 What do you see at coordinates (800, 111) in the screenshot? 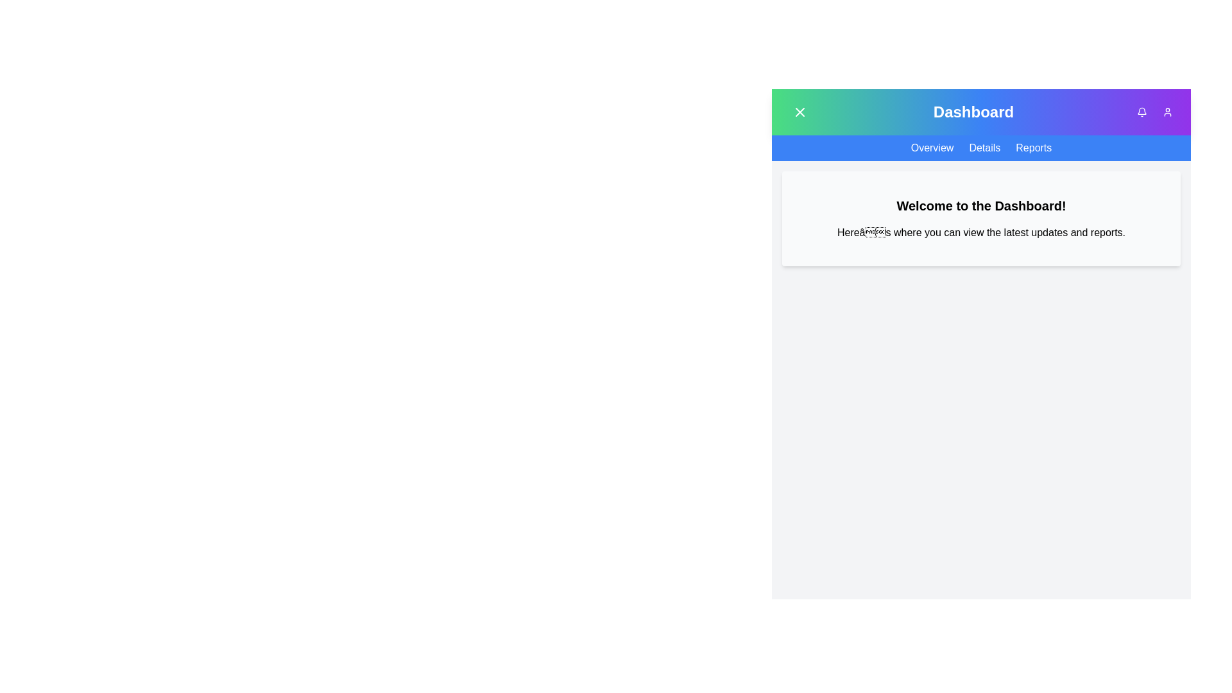
I see `the button with the X icon to toggle the menu visibility` at bounding box center [800, 111].